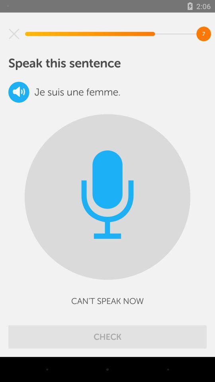 This screenshot has width=215, height=382. What do you see at coordinates (19, 92) in the screenshot?
I see `item to the left of the je icon` at bounding box center [19, 92].